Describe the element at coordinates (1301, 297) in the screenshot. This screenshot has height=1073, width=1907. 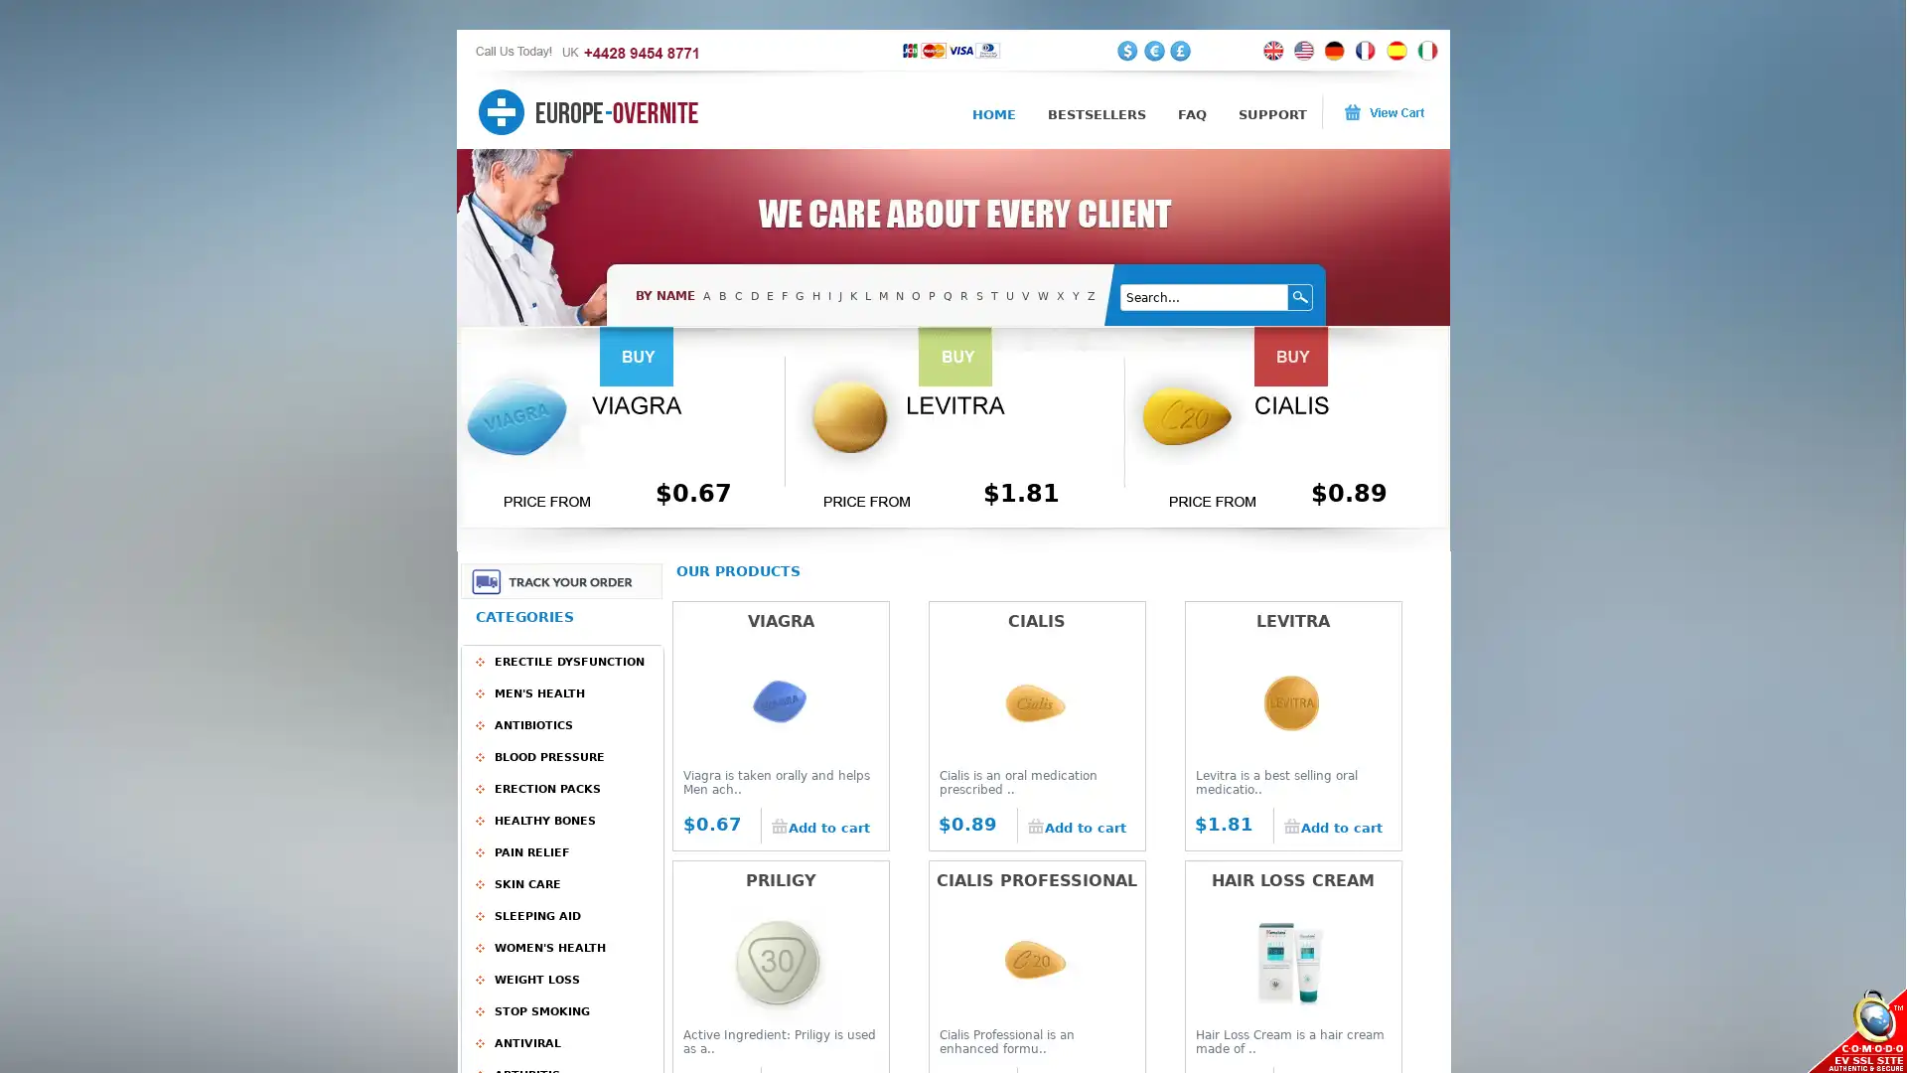
I see `.` at that location.